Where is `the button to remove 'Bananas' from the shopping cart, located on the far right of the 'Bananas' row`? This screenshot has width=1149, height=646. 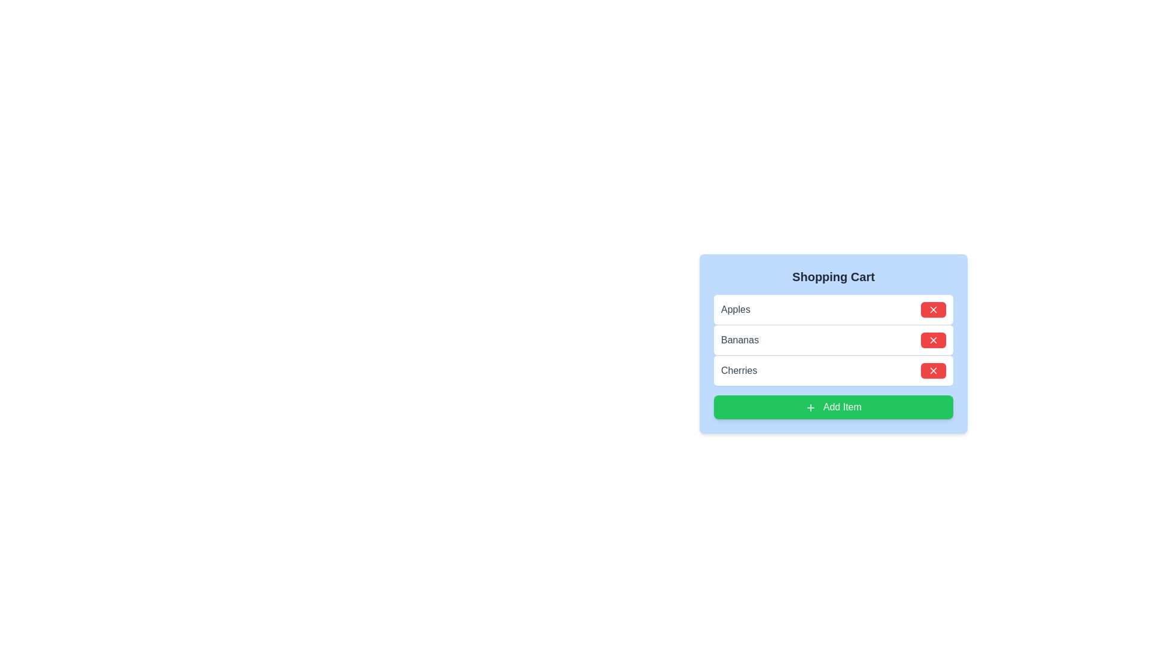 the button to remove 'Bananas' from the shopping cart, located on the far right of the 'Bananas' row is located at coordinates (933, 340).